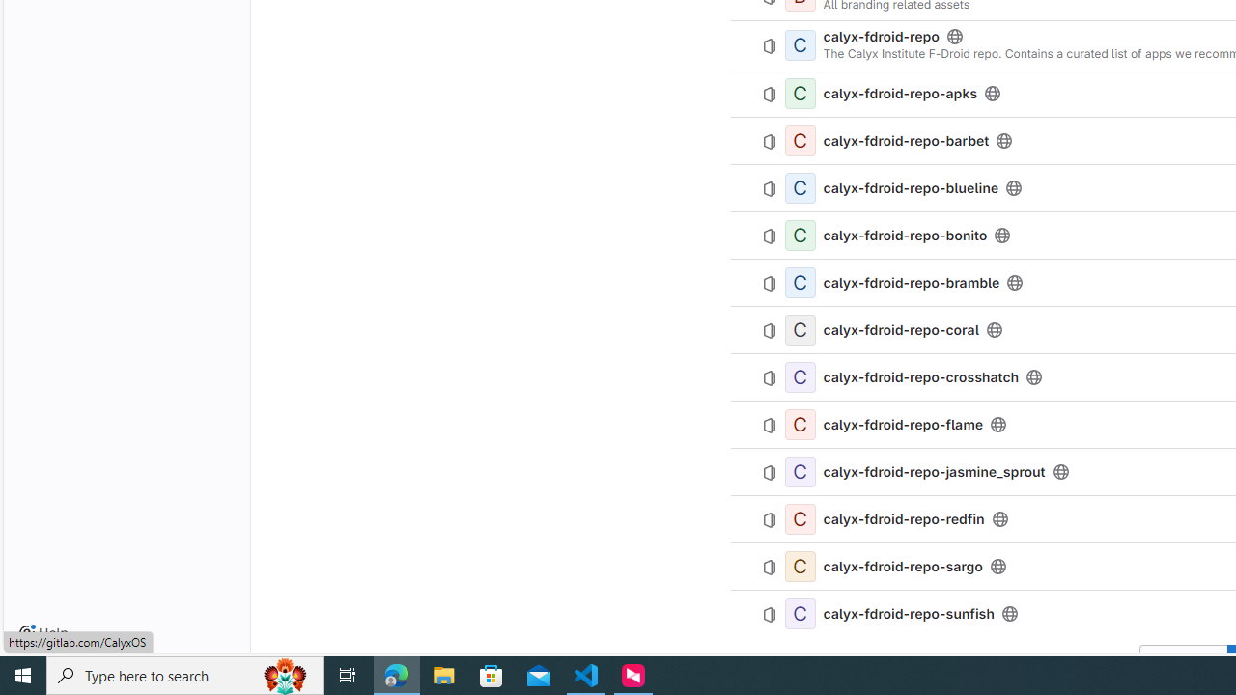 Image resolution: width=1236 pixels, height=695 pixels. What do you see at coordinates (904, 235) in the screenshot?
I see `'calyx-fdroid-repo-bonito'` at bounding box center [904, 235].